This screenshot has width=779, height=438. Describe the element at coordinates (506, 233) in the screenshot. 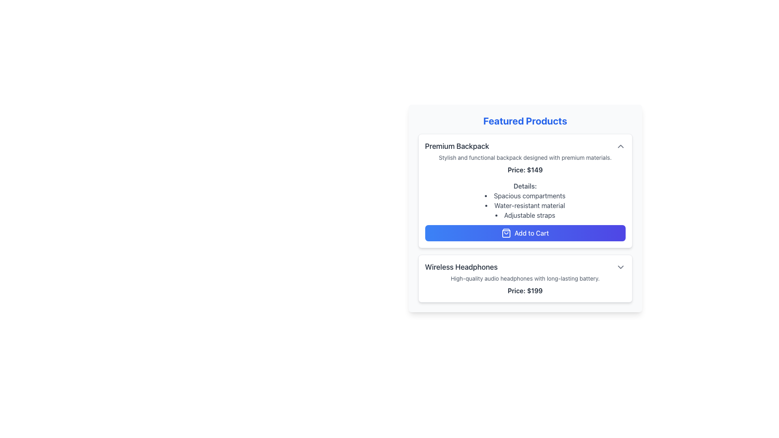

I see `the shopping basket icon, which is a square-shaped small icon filled with white on a blue background, located within the 'Add to Cart' button` at that location.